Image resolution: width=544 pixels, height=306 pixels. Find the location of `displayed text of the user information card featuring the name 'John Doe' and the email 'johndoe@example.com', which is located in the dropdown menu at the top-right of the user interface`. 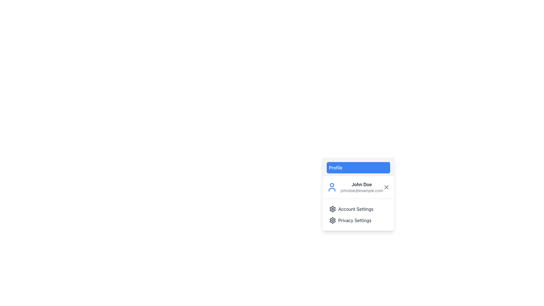

displayed text of the user information card featuring the name 'John Doe' and the email 'johndoe@example.com', which is located in the dropdown menu at the top-right of the user interface is located at coordinates (361, 187).